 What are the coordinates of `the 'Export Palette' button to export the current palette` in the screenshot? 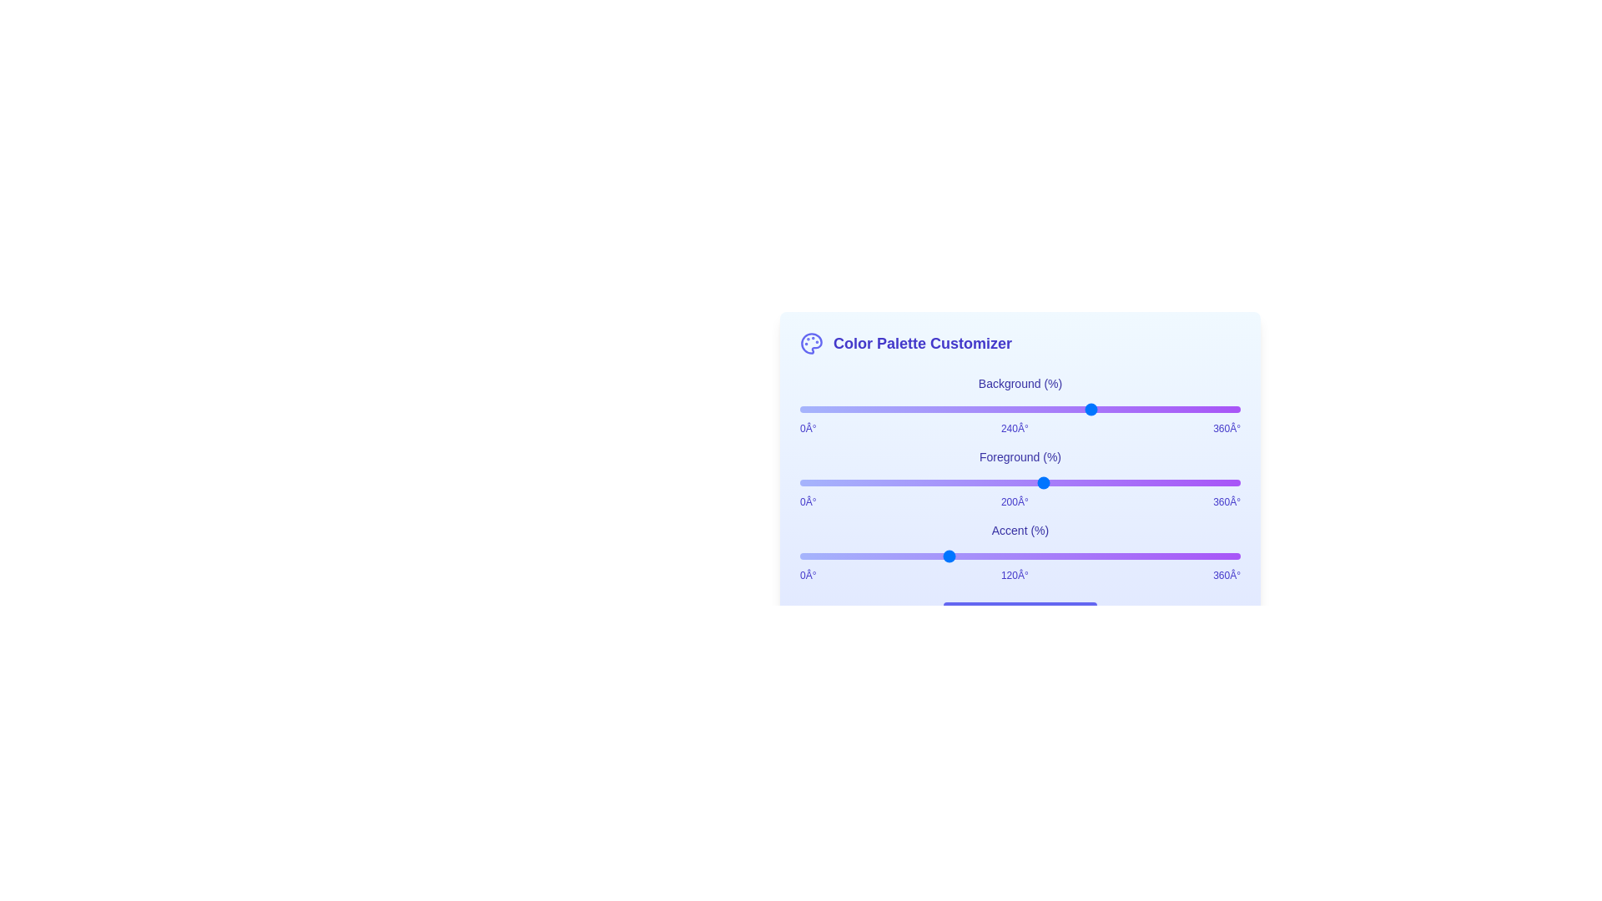 It's located at (1020, 619).